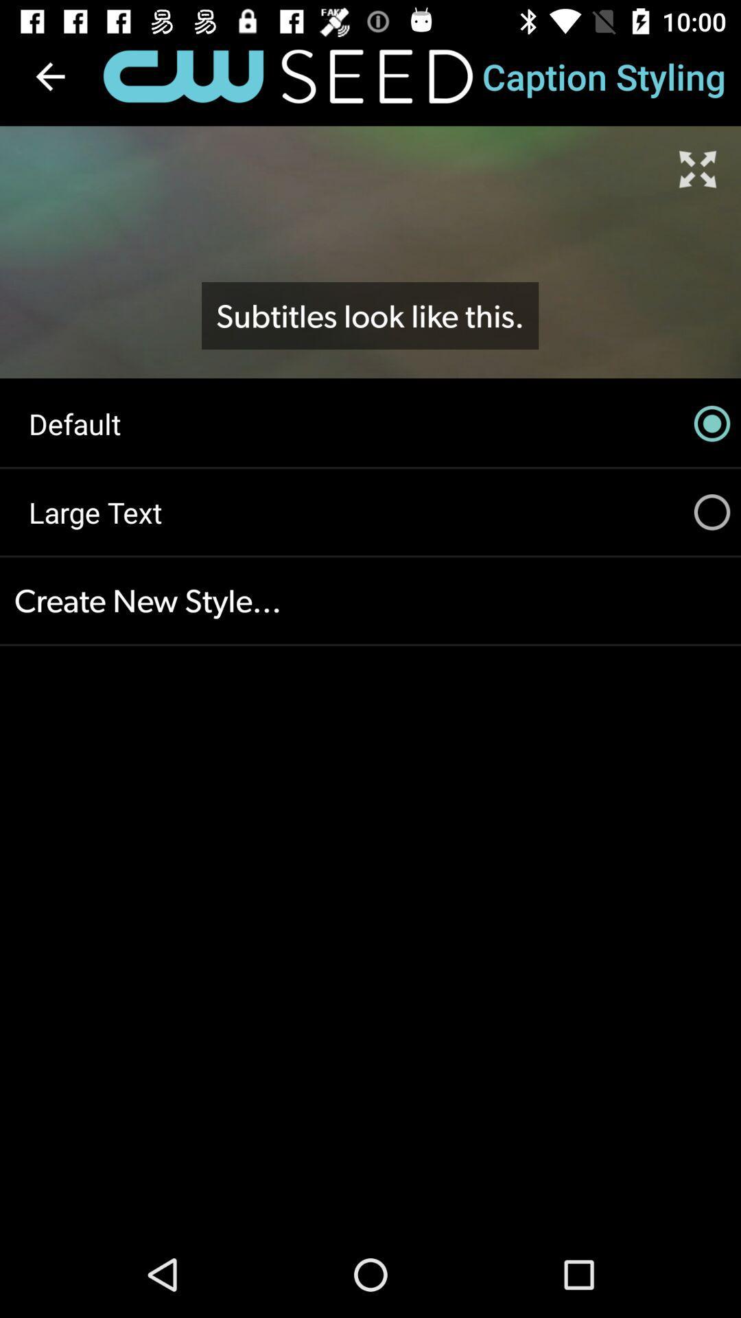 The height and width of the screenshot is (1318, 741). I want to click on the create new style... item, so click(370, 601).